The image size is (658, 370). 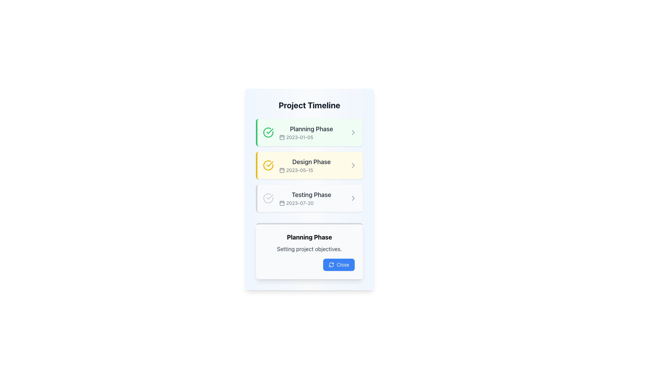 I want to click on the circular arrow icon that is styled in an outline format, located to the left of the text 'Close' within the 'Close' button in the bottom-right of the interface, so click(x=331, y=264).